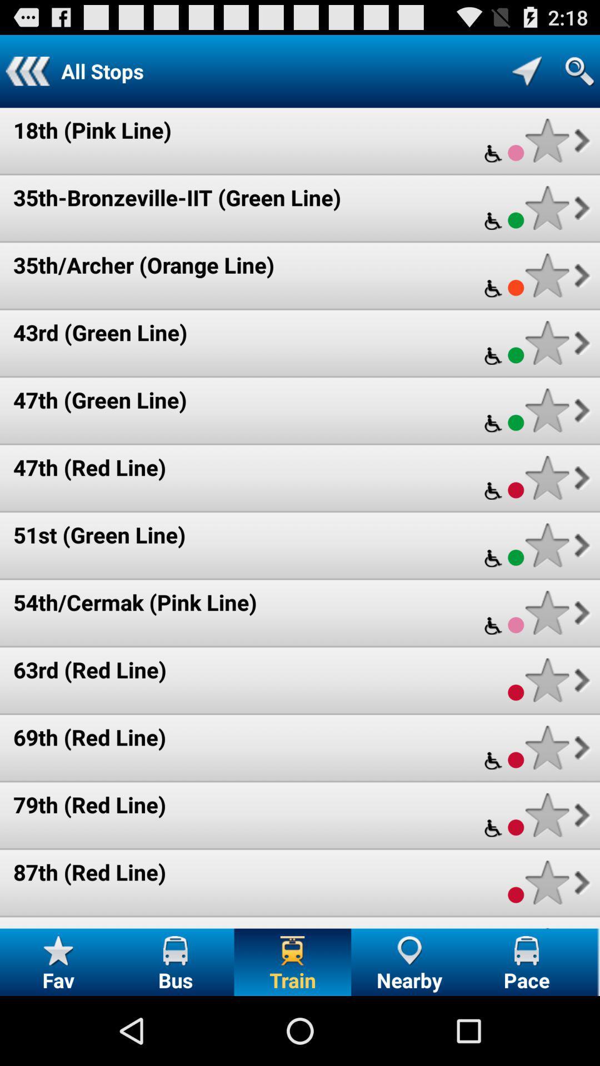 The width and height of the screenshot is (600, 1066). Describe the element at coordinates (579, 71) in the screenshot. I see `to search` at that location.